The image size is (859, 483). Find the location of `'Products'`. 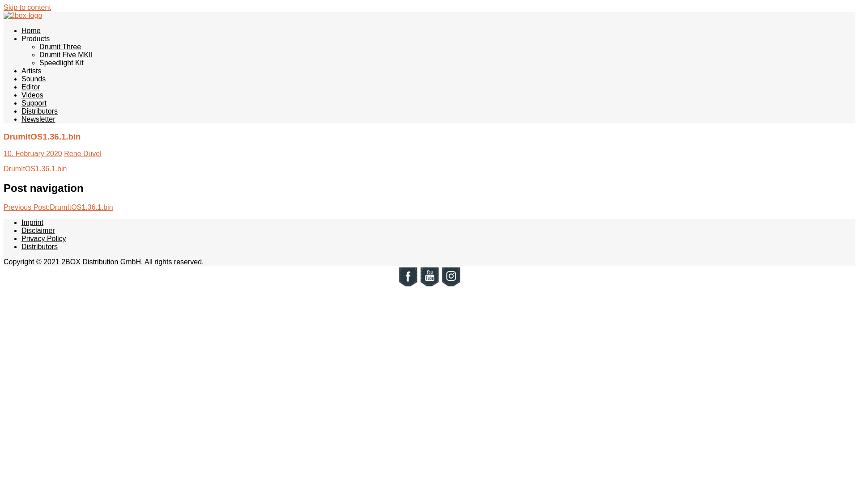

'Products' is located at coordinates (35, 38).